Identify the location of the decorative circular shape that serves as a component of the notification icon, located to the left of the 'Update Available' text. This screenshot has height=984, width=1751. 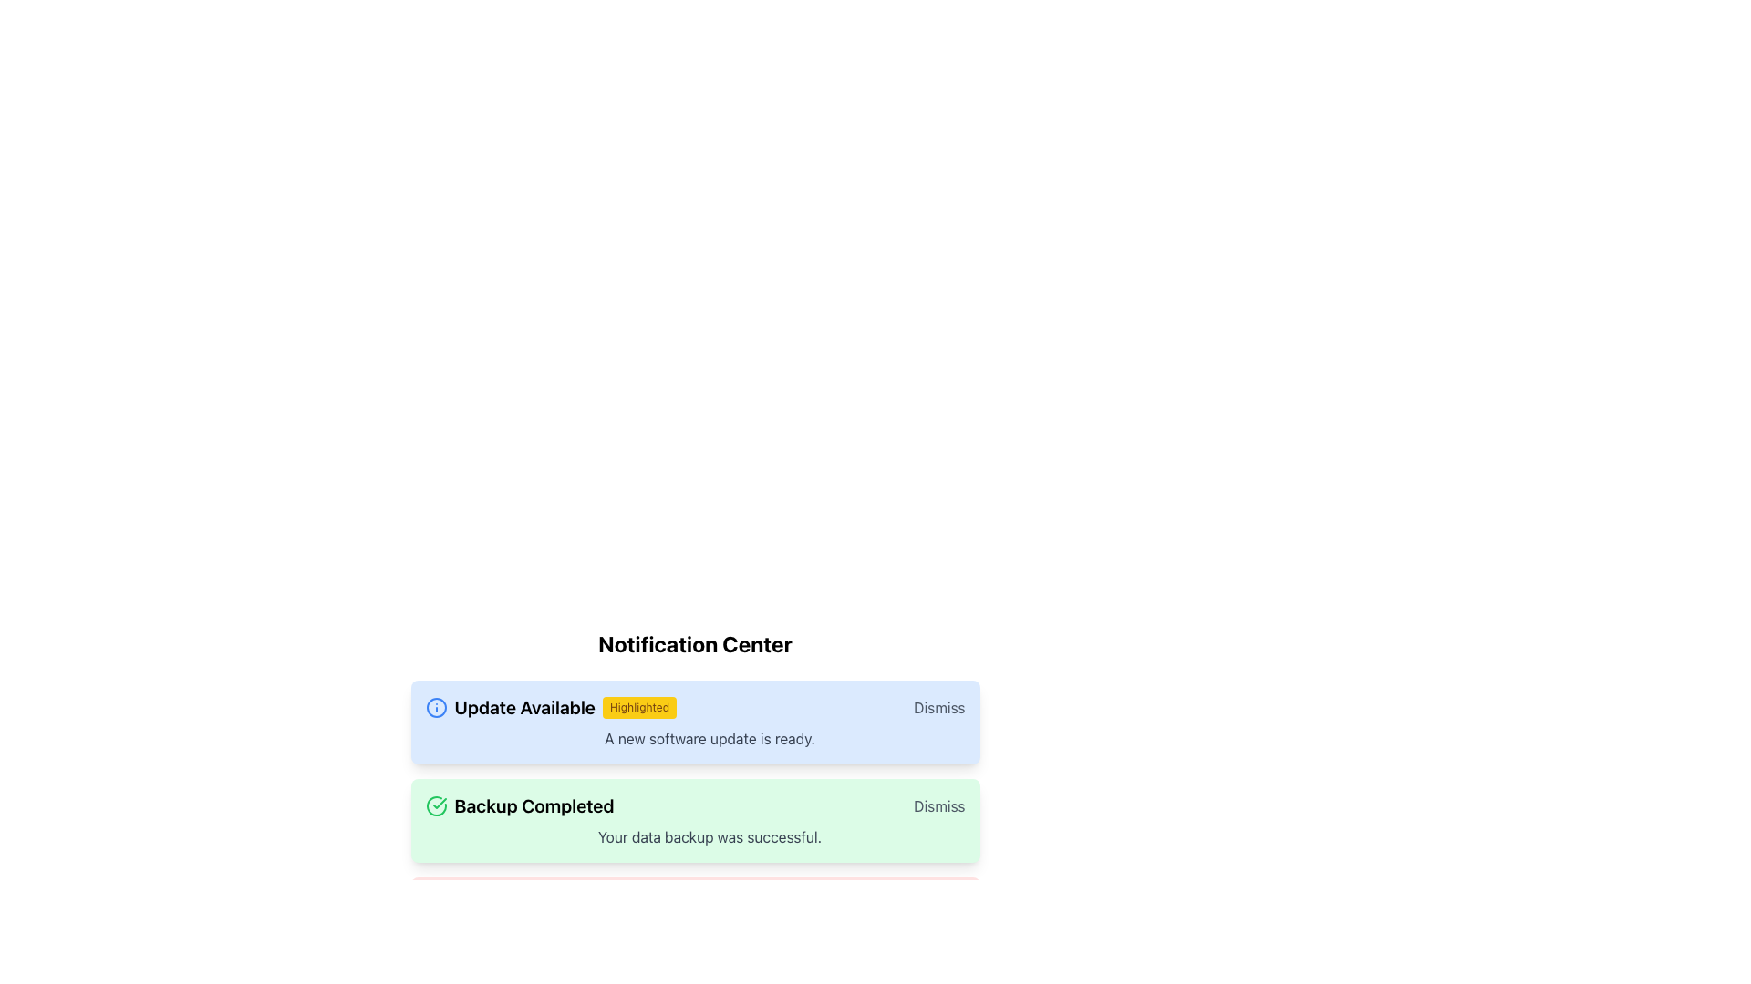
(435, 706).